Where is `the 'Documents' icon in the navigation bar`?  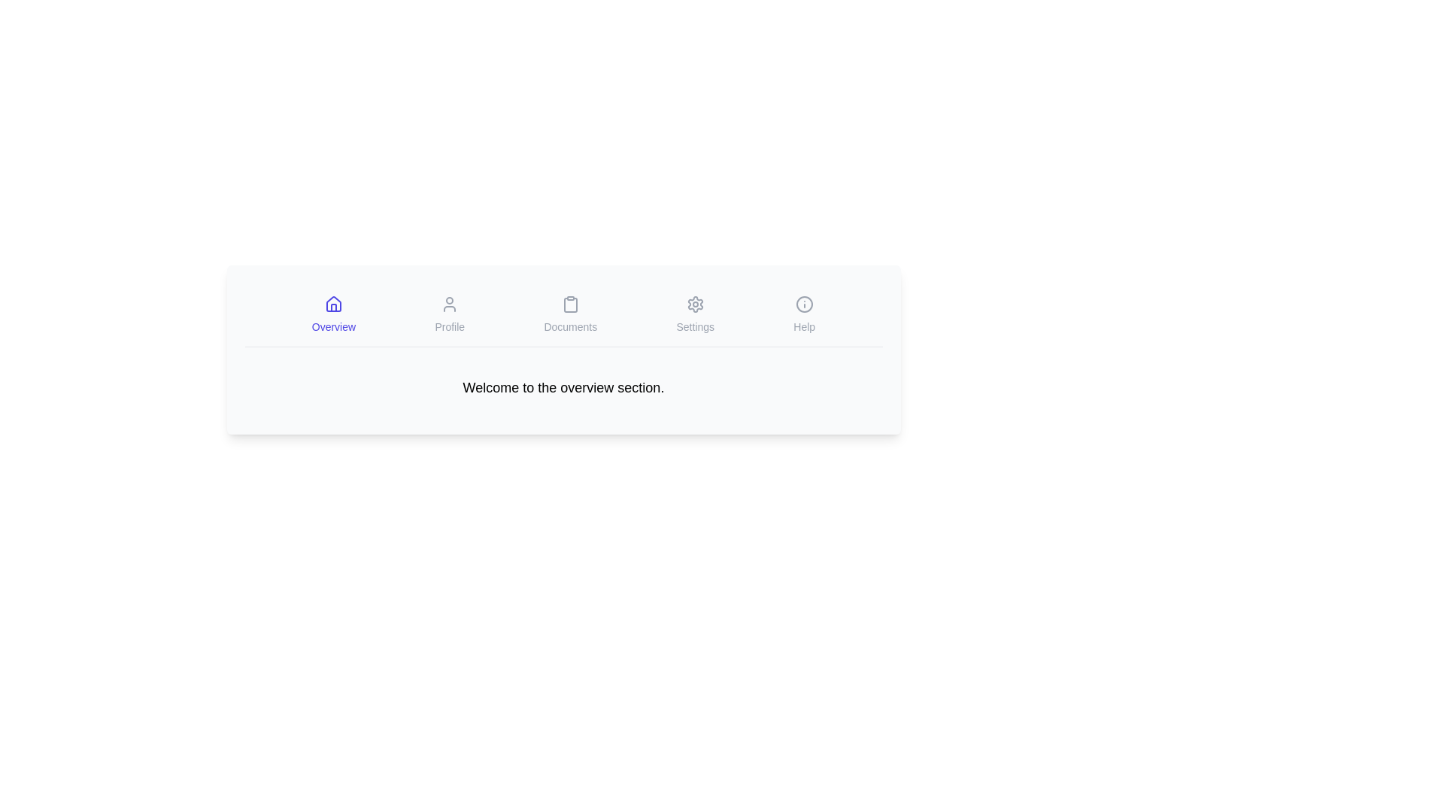 the 'Documents' icon in the navigation bar is located at coordinates (569, 304).